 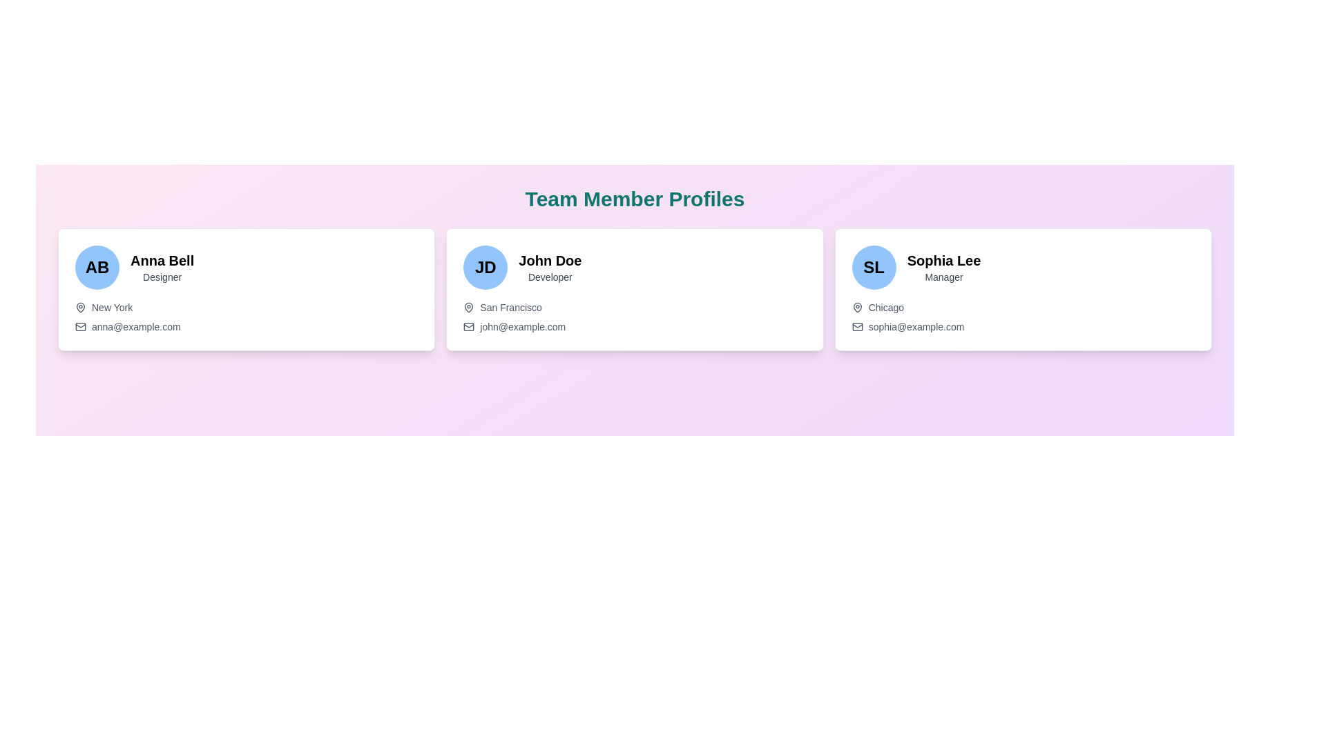 What do you see at coordinates (634, 268) in the screenshot?
I see `the Profile Information Component for 'John Doe' to view the full profile details` at bounding box center [634, 268].